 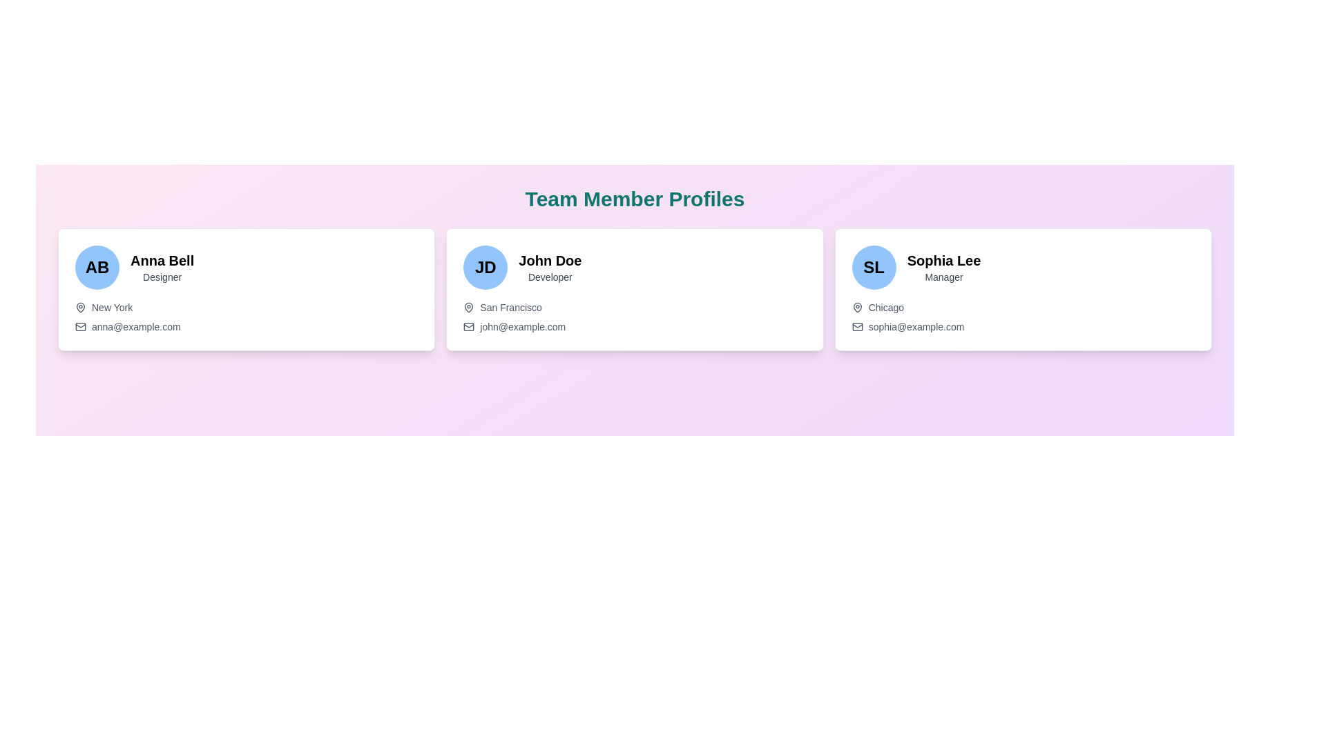 What do you see at coordinates (634, 268) in the screenshot?
I see `the Profile Information Component for 'John Doe' to view the full profile details` at bounding box center [634, 268].